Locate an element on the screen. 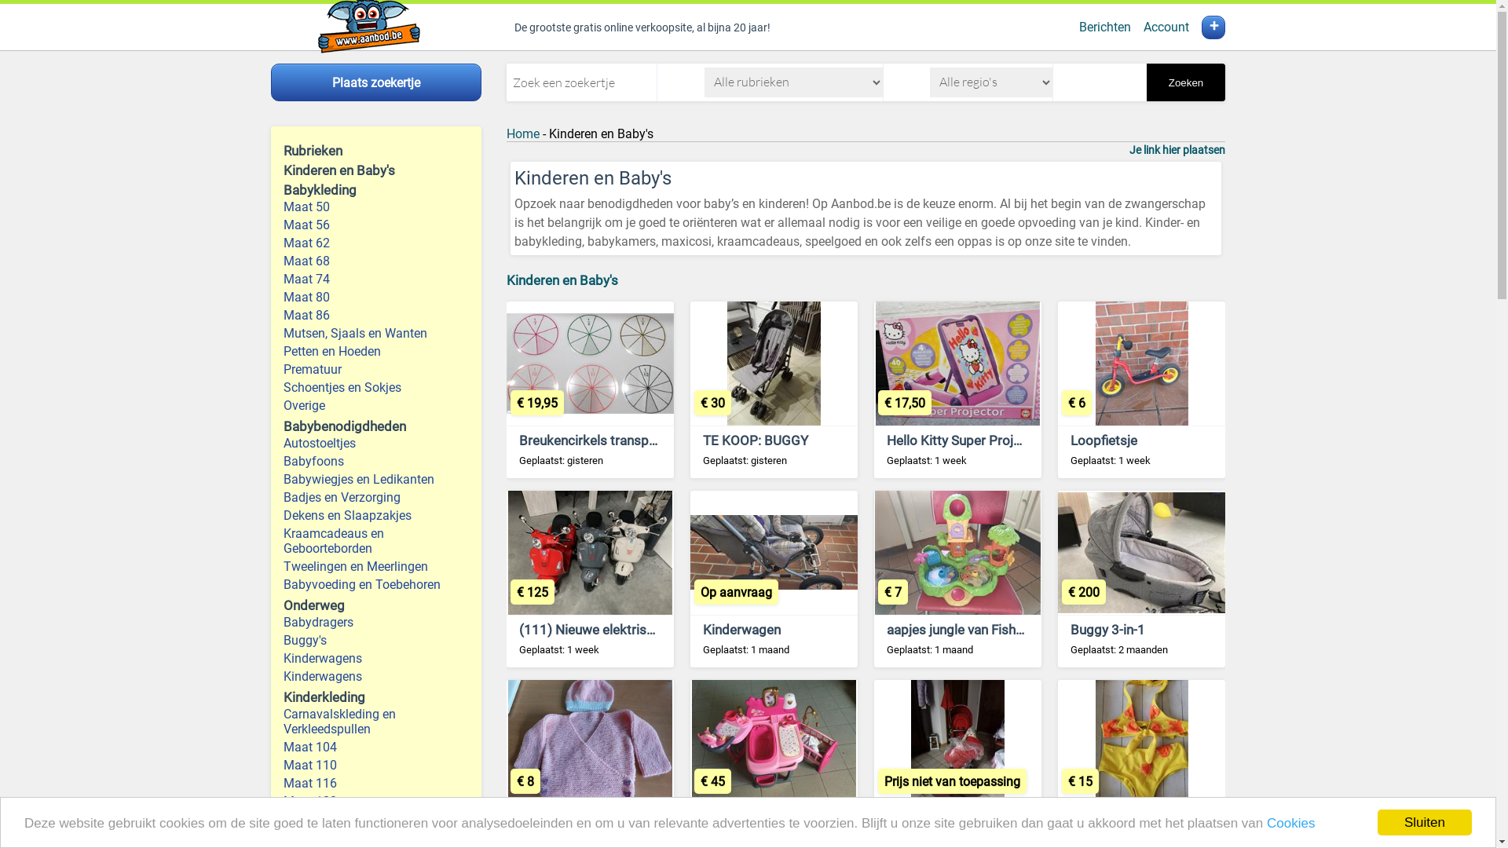  'Plaats zoekertje' is located at coordinates (375, 82).